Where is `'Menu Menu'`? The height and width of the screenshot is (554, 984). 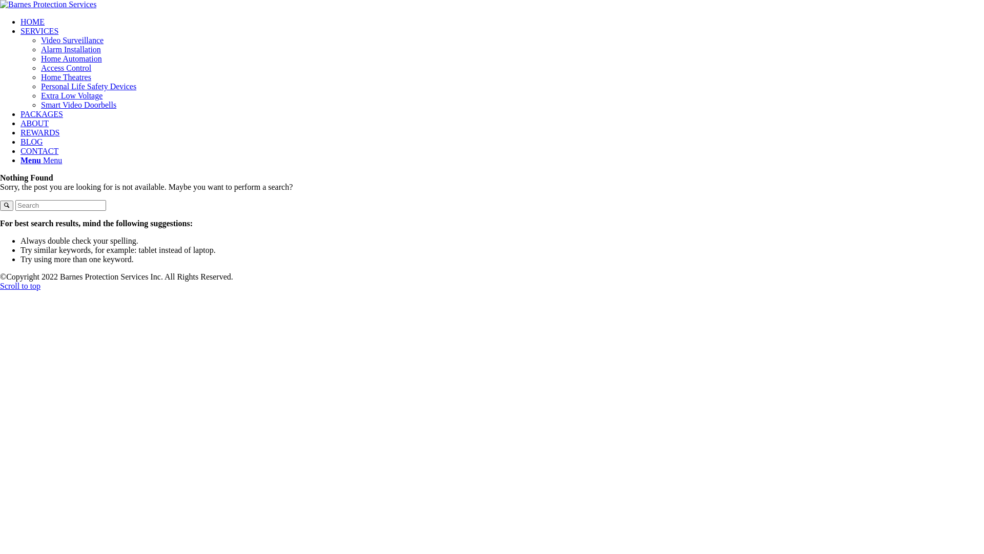 'Menu Menu' is located at coordinates (41, 160).